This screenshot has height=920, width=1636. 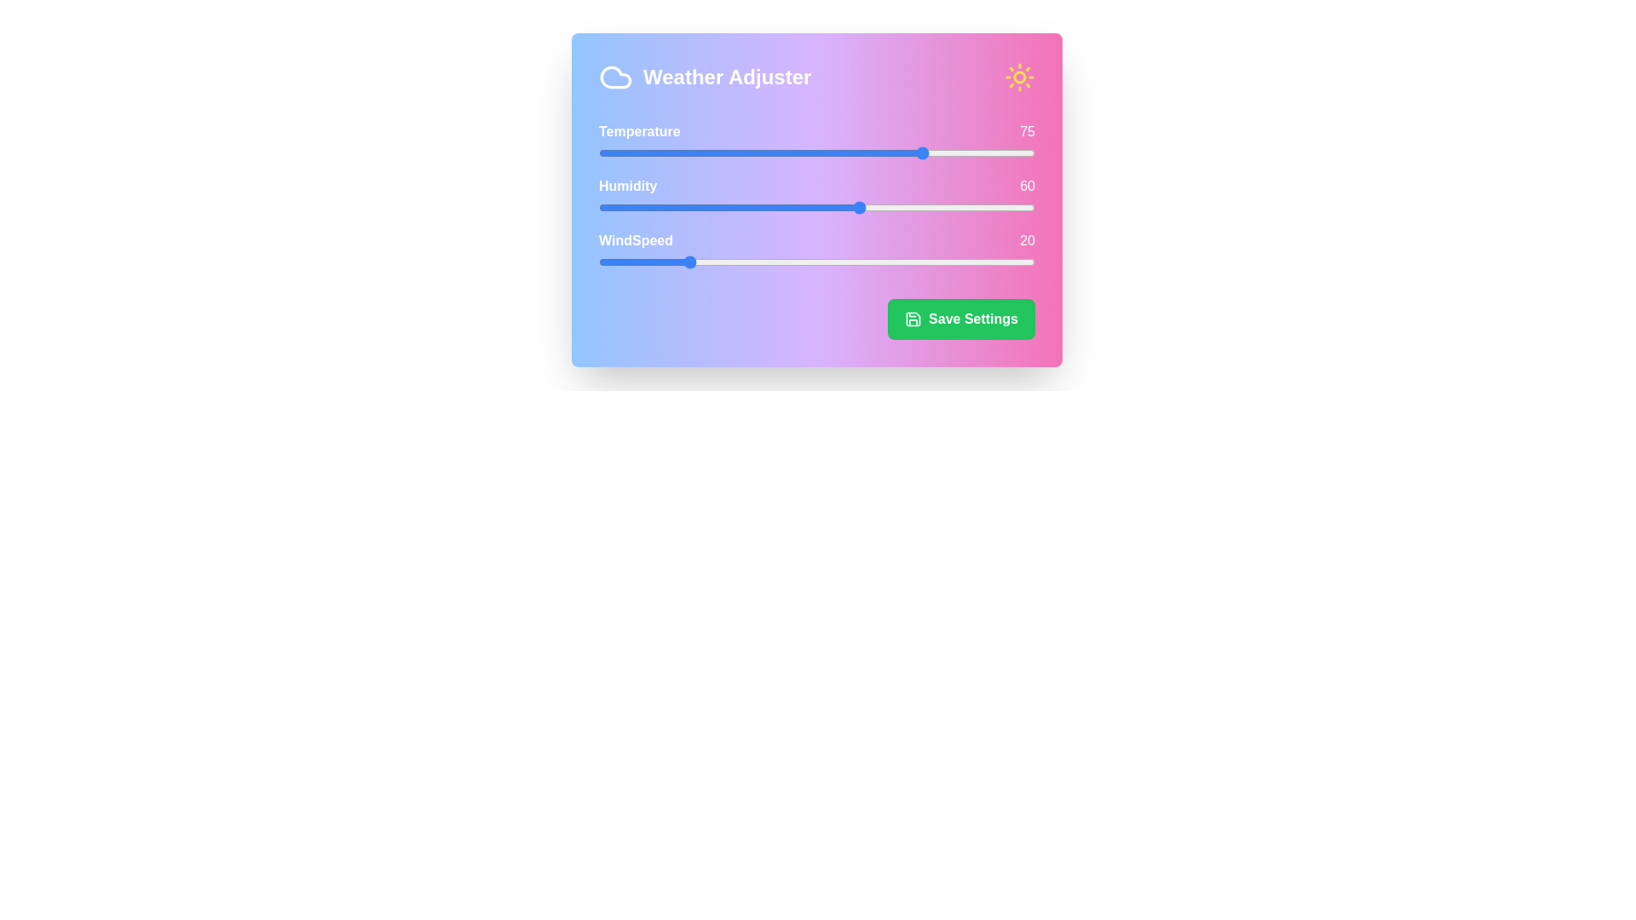 What do you see at coordinates (816, 206) in the screenshot?
I see `the humidity slider` at bounding box center [816, 206].